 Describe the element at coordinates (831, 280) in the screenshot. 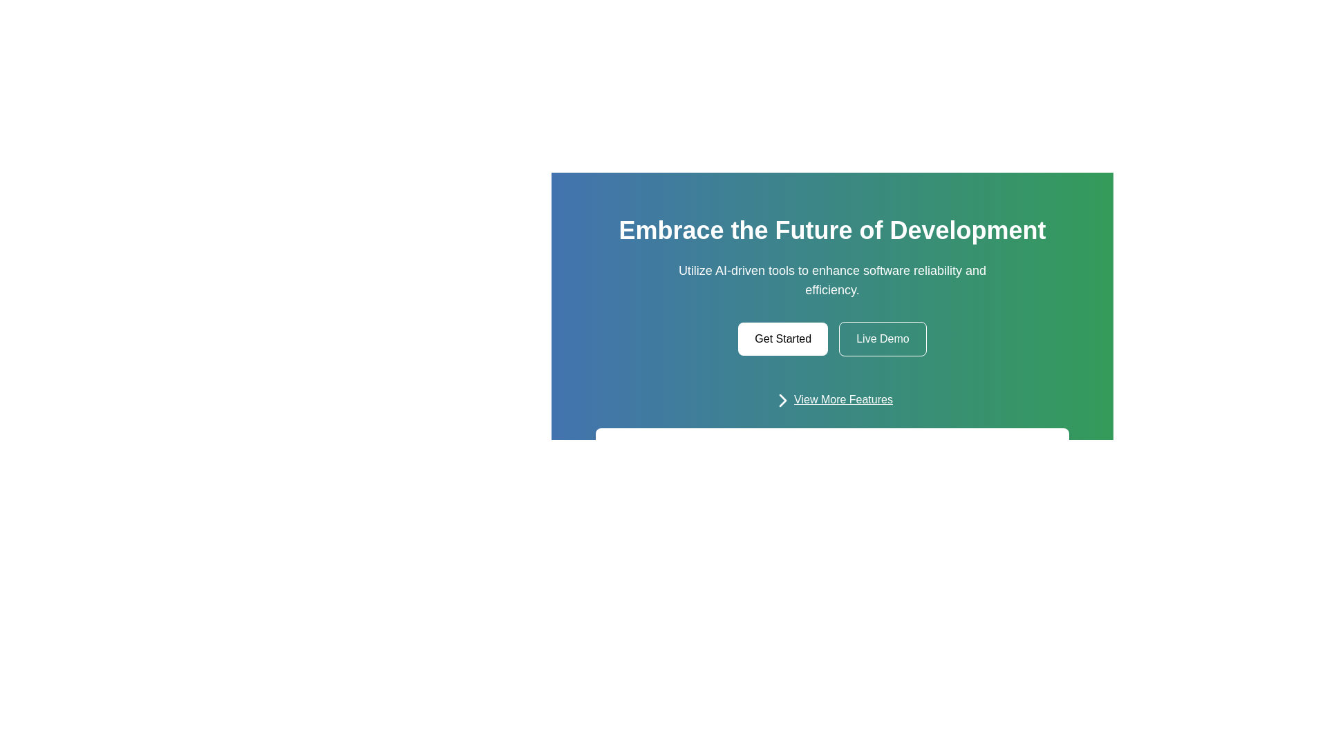

I see `the text element displaying 'Utilize AI-driven tools to enhance software reliability` at that location.